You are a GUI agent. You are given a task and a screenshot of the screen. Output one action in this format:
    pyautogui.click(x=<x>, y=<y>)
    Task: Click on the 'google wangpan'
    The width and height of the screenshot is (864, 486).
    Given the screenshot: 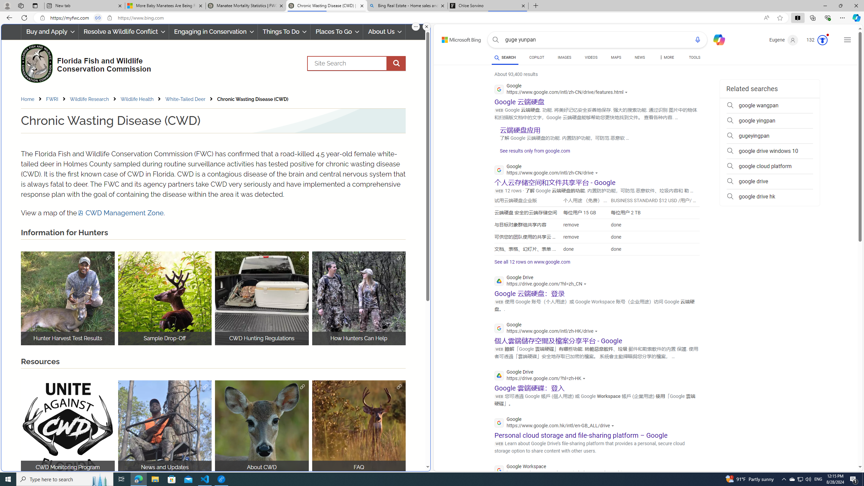 What is the action you would take?
    pyautogui.click(x=769, y=106)
    